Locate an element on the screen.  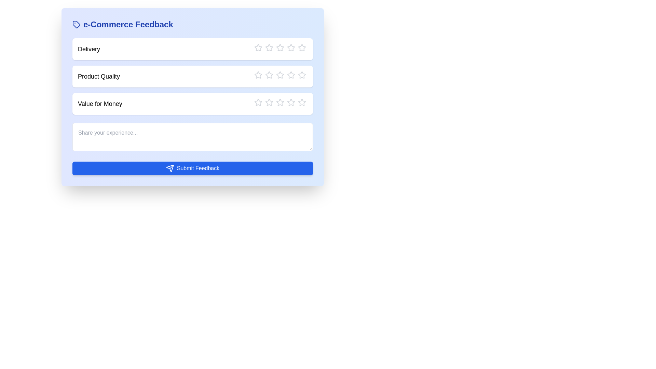
the star corresponding to the rating 1 for the category Delivery is located at coordinates (254, 47).